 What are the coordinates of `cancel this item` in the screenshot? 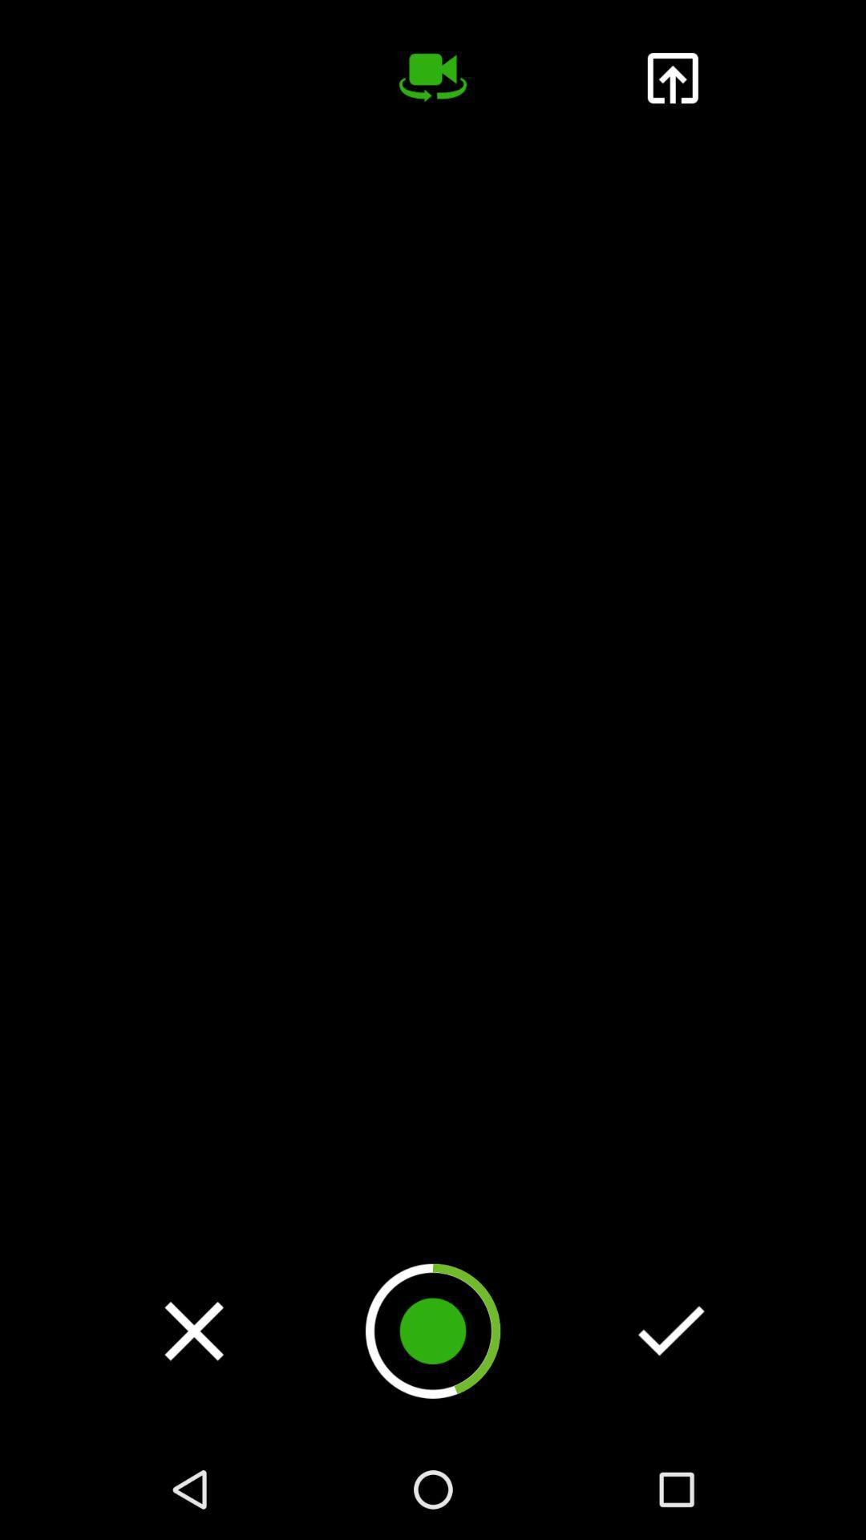 It's located at (193, 1331).